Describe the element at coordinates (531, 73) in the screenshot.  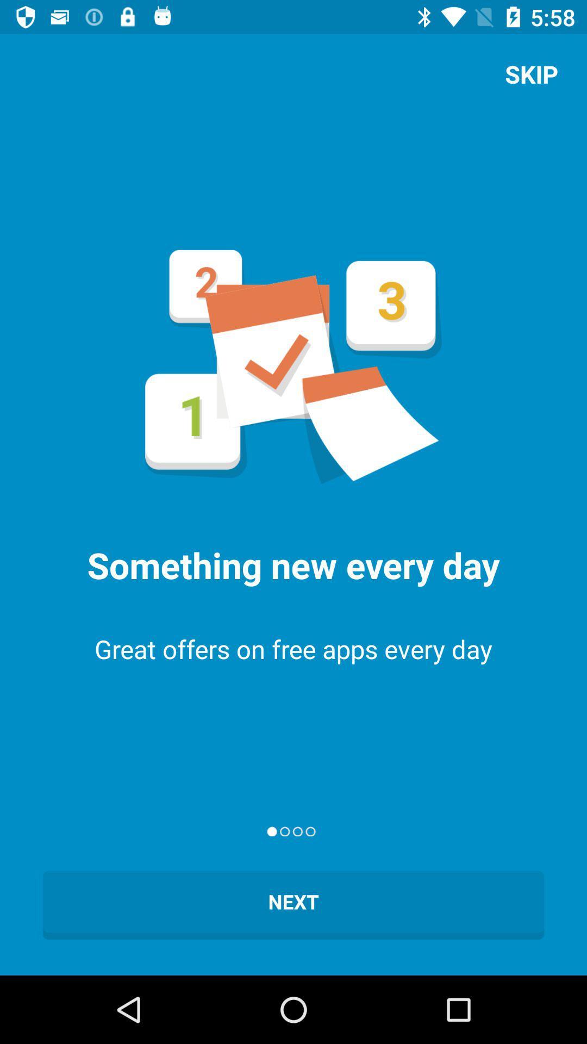
I see `skip app` at that location.